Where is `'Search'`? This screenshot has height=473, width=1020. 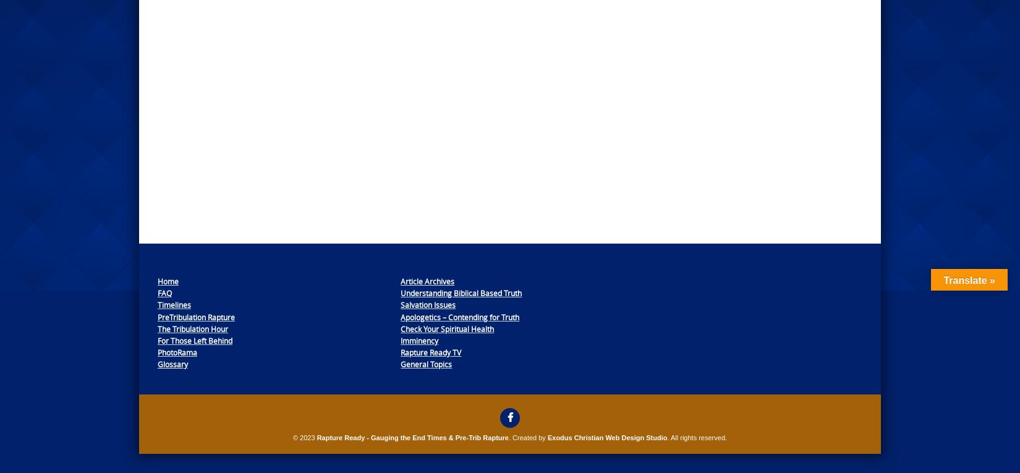 'Search' is located at coordinates (664, 268).